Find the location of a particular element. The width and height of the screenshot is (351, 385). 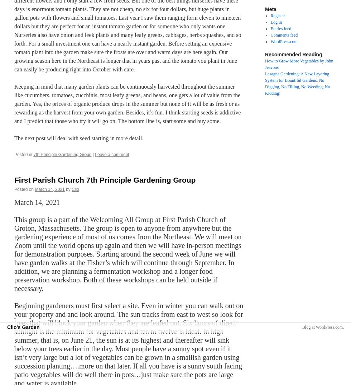

'7th Principle Gardening Group' is located at coordinates (62, 155).